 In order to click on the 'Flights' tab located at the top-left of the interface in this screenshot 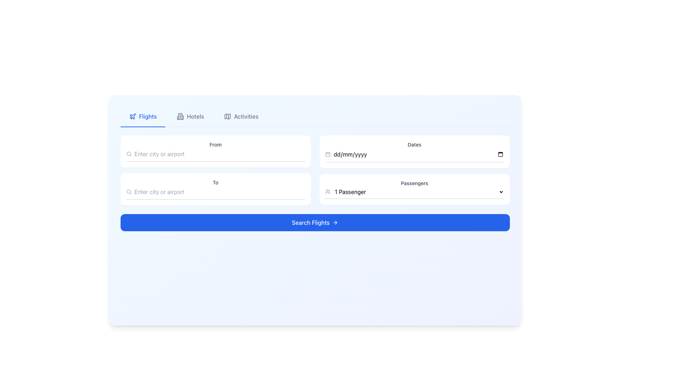, I will do `click(143, 117)`.